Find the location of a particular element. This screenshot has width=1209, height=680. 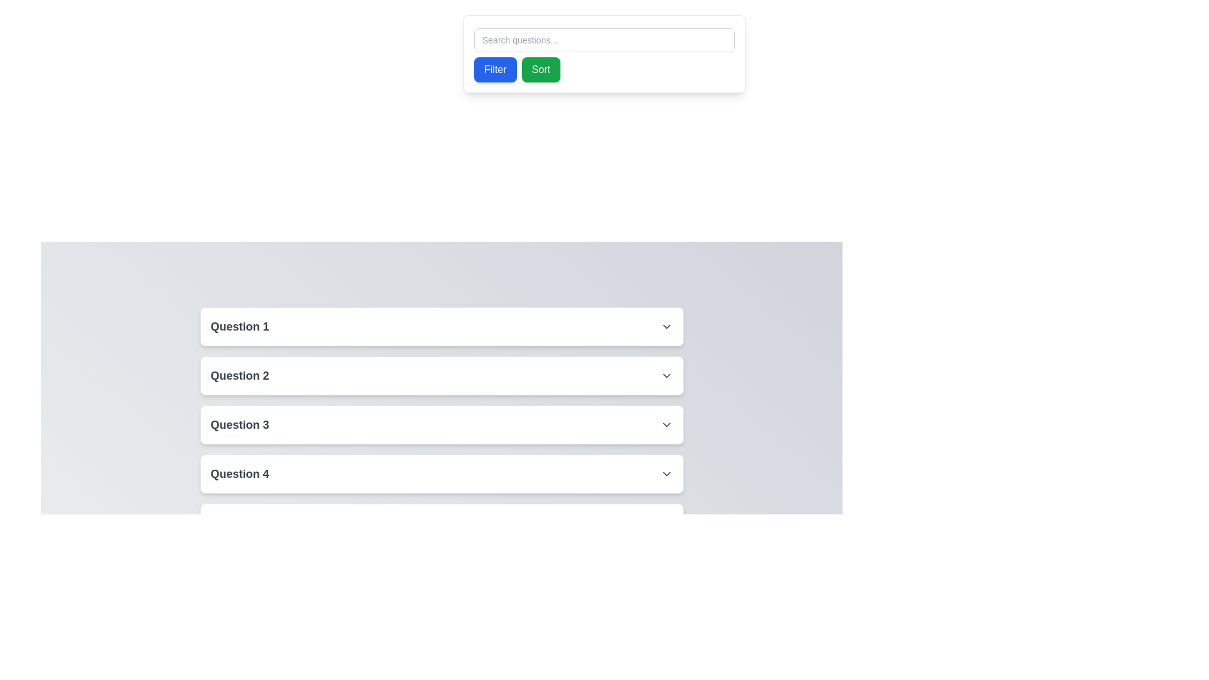

the static text label that serves as a title for the associated question, positioned in the middle-left of the third list item in a vertically arranged series of question elements is located at coordinates (239, 425).